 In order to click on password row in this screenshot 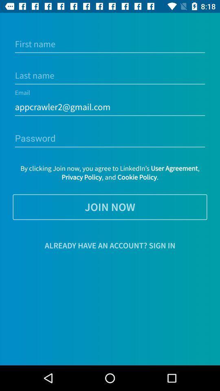, I will do `click(110, 138)`.